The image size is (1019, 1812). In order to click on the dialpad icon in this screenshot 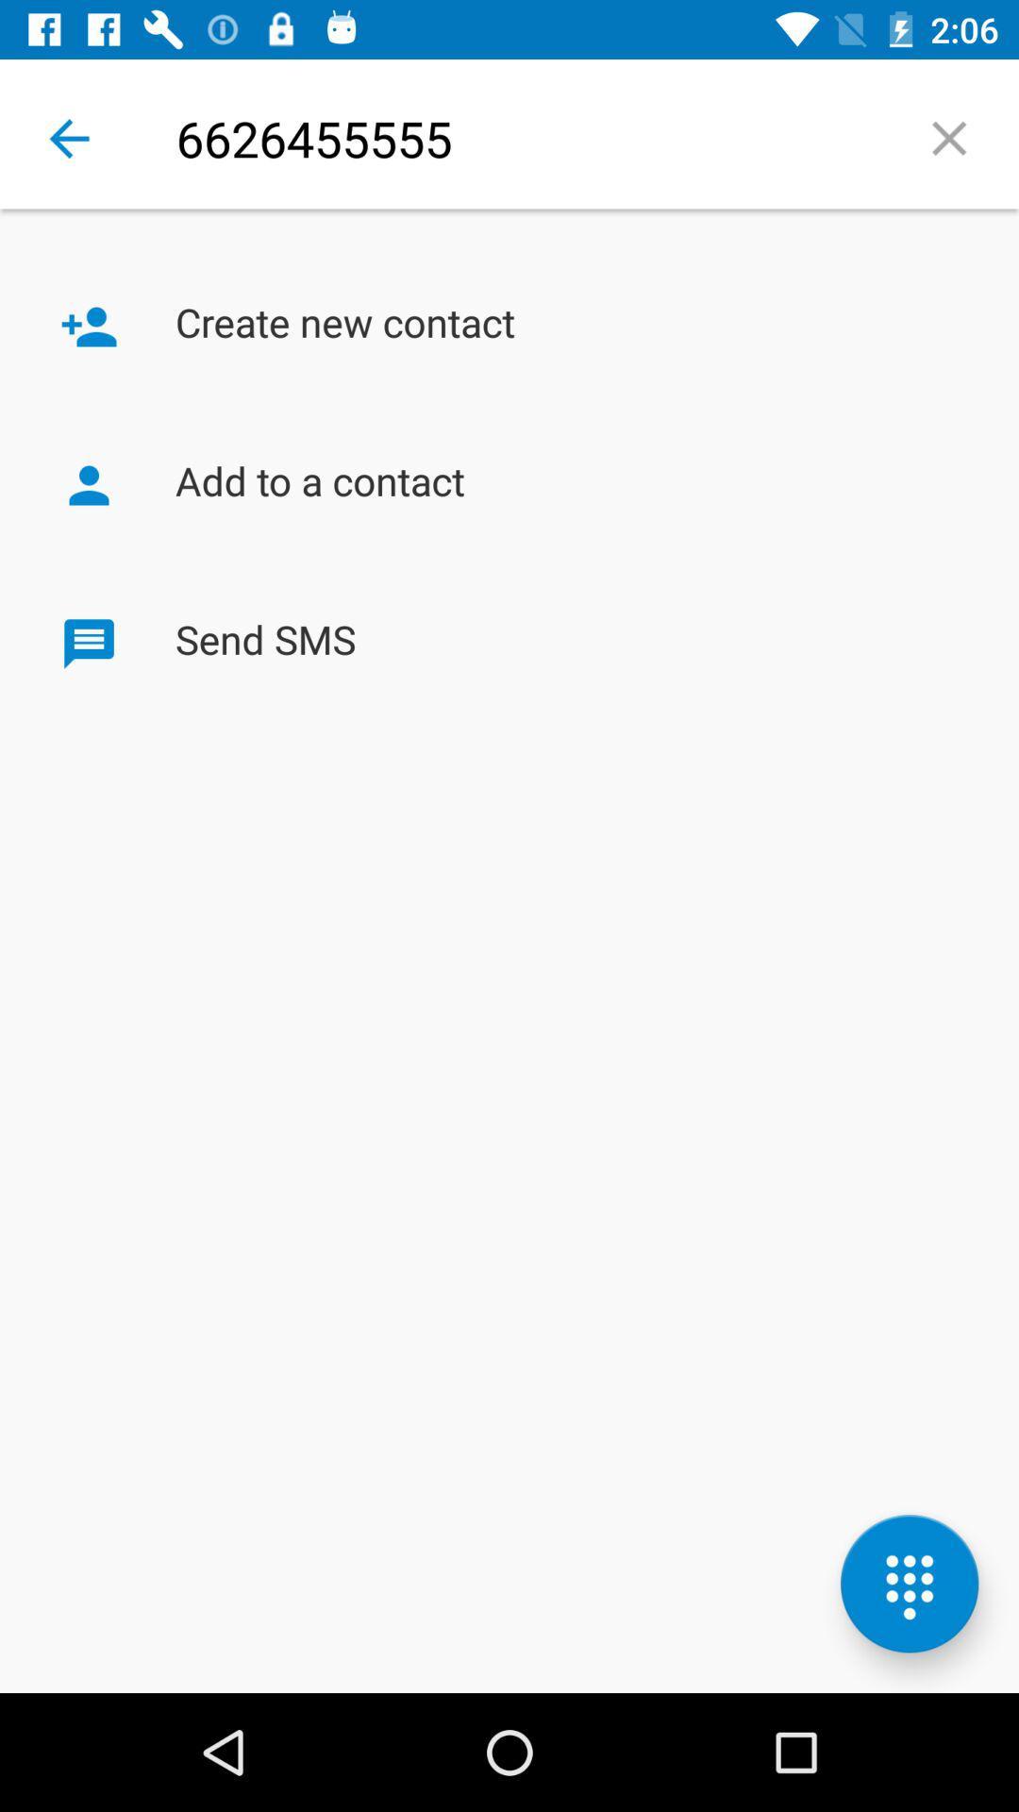, I will do `click(909, 1584)`.